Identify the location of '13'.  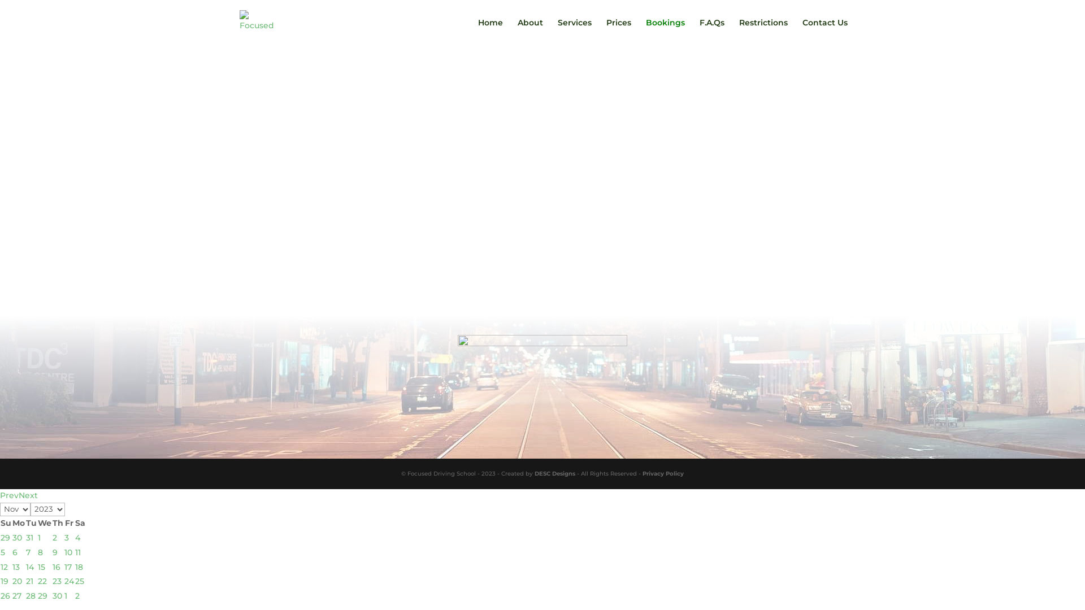
(16, 567).